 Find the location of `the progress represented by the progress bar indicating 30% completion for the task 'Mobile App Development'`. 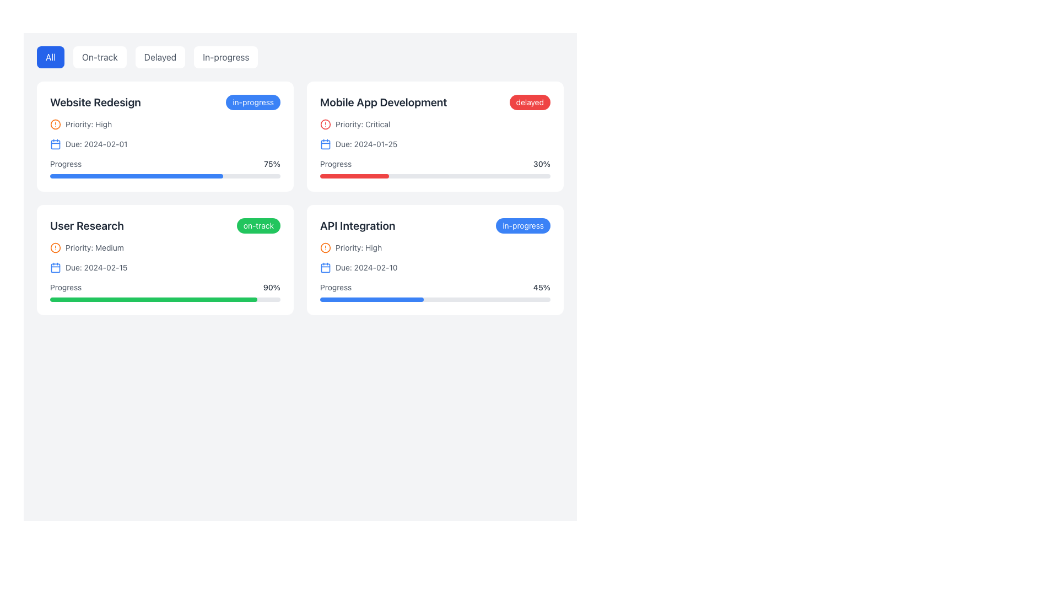

the progress represented by the progress bar indicating 30% completion for the task 'Mobile App Development' is located at coordinates (435, 176).